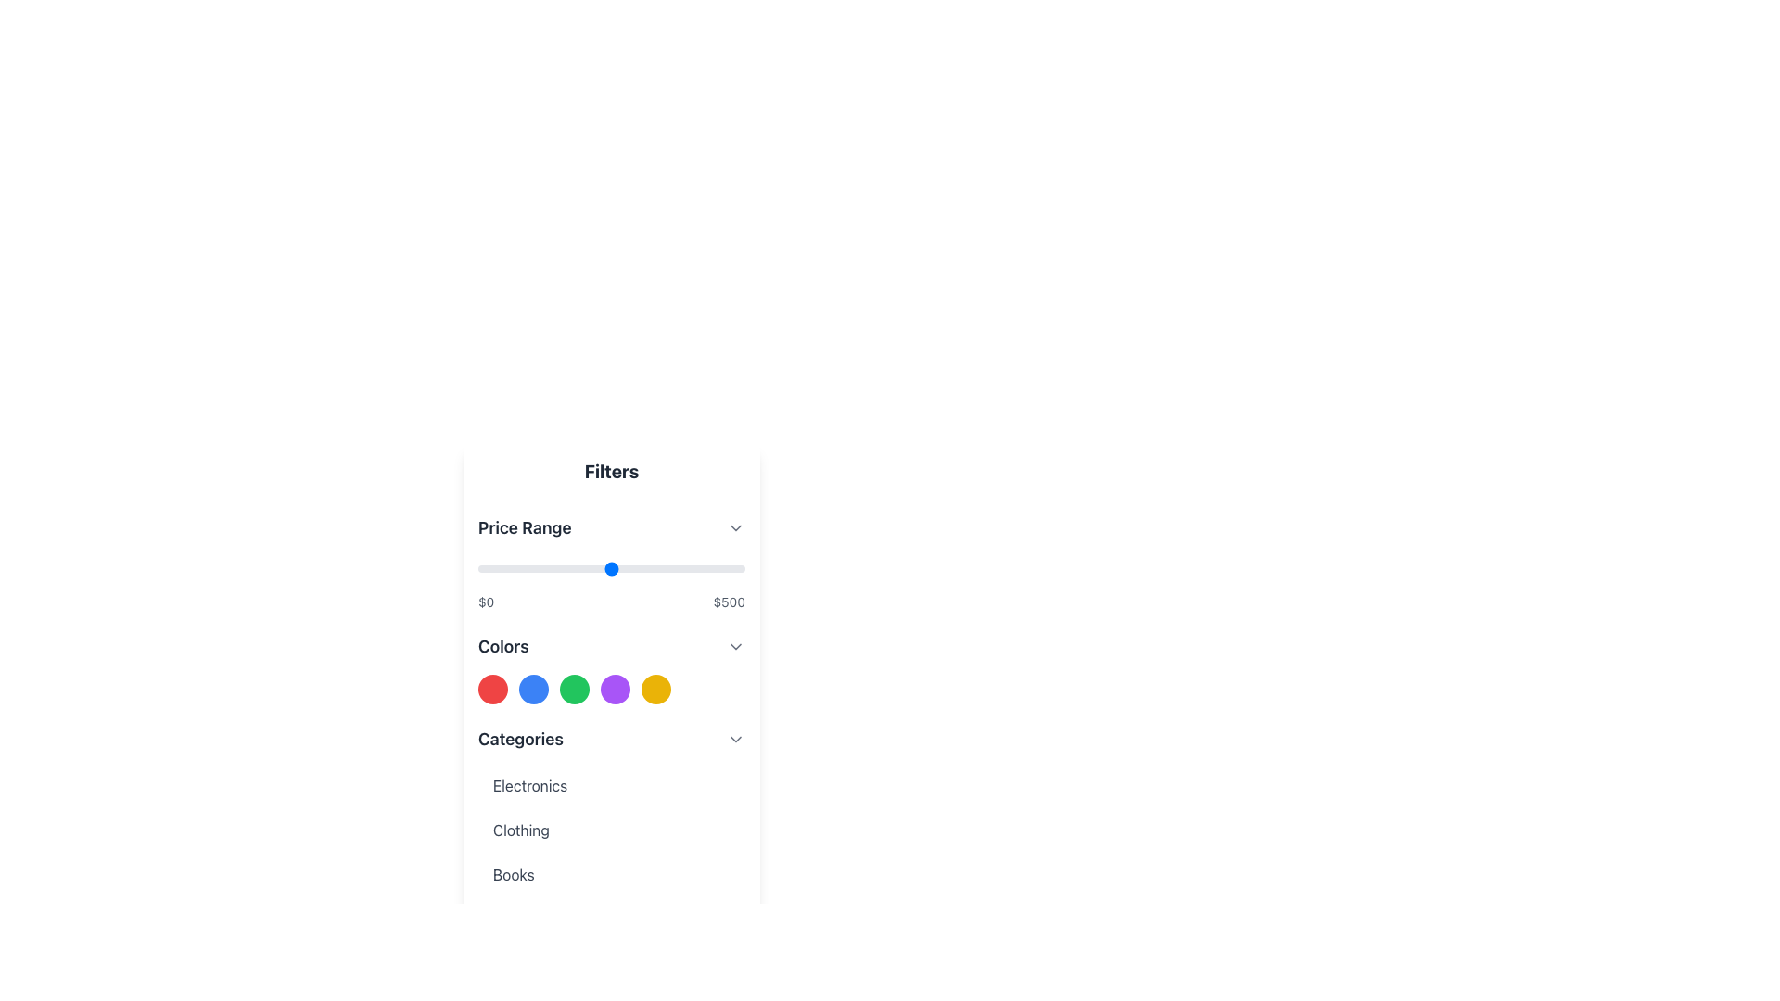  What do you see at coordinates (612, 582) in the screenshot?
I see `the Range slider to move the knob for price selection, located centrally in the 'Price Range' section with labels '$0' and '$500' beneath it` at bounding box center [612, 582].